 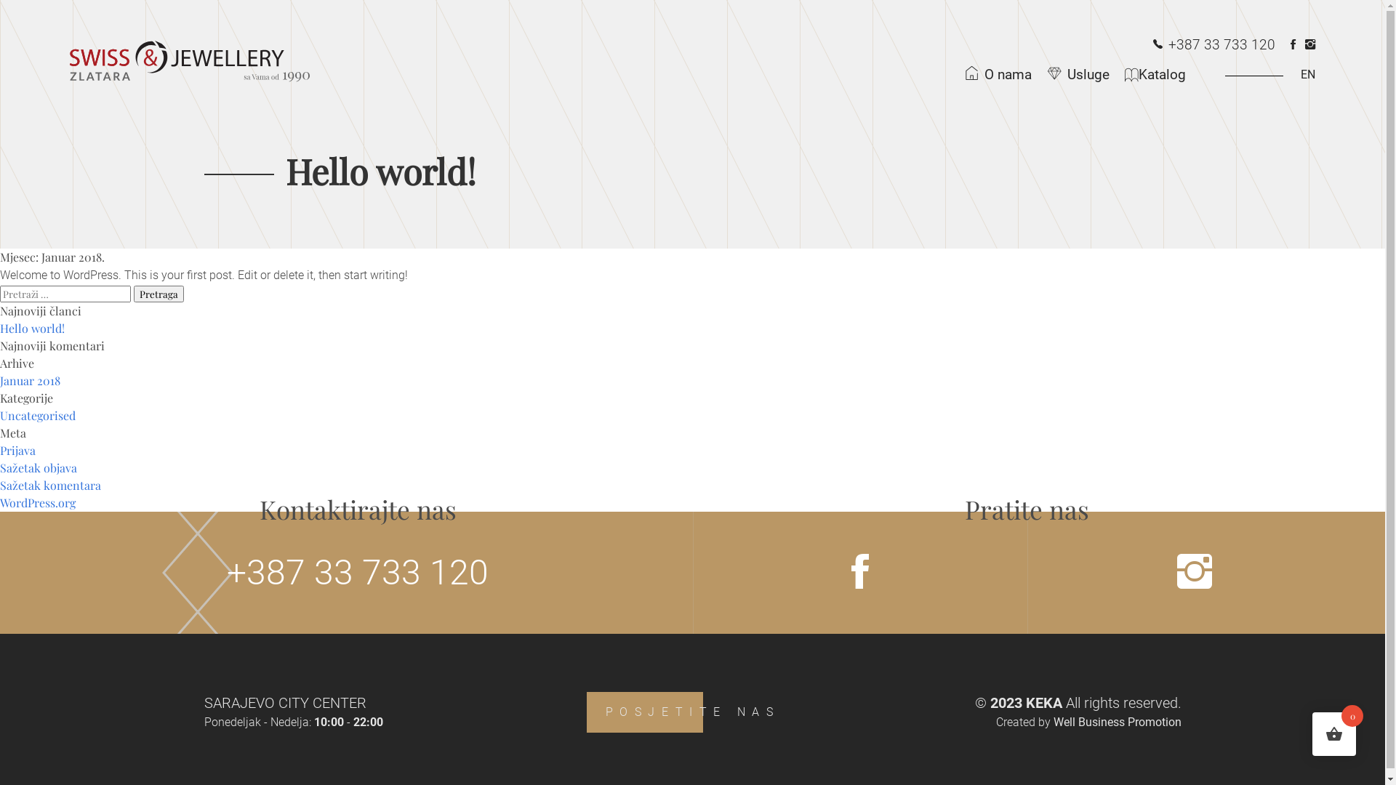 What do you see at coordinates (0, 502) in the screenshot?
I see `'WordPress.org'` at bounding box center [0, 502].